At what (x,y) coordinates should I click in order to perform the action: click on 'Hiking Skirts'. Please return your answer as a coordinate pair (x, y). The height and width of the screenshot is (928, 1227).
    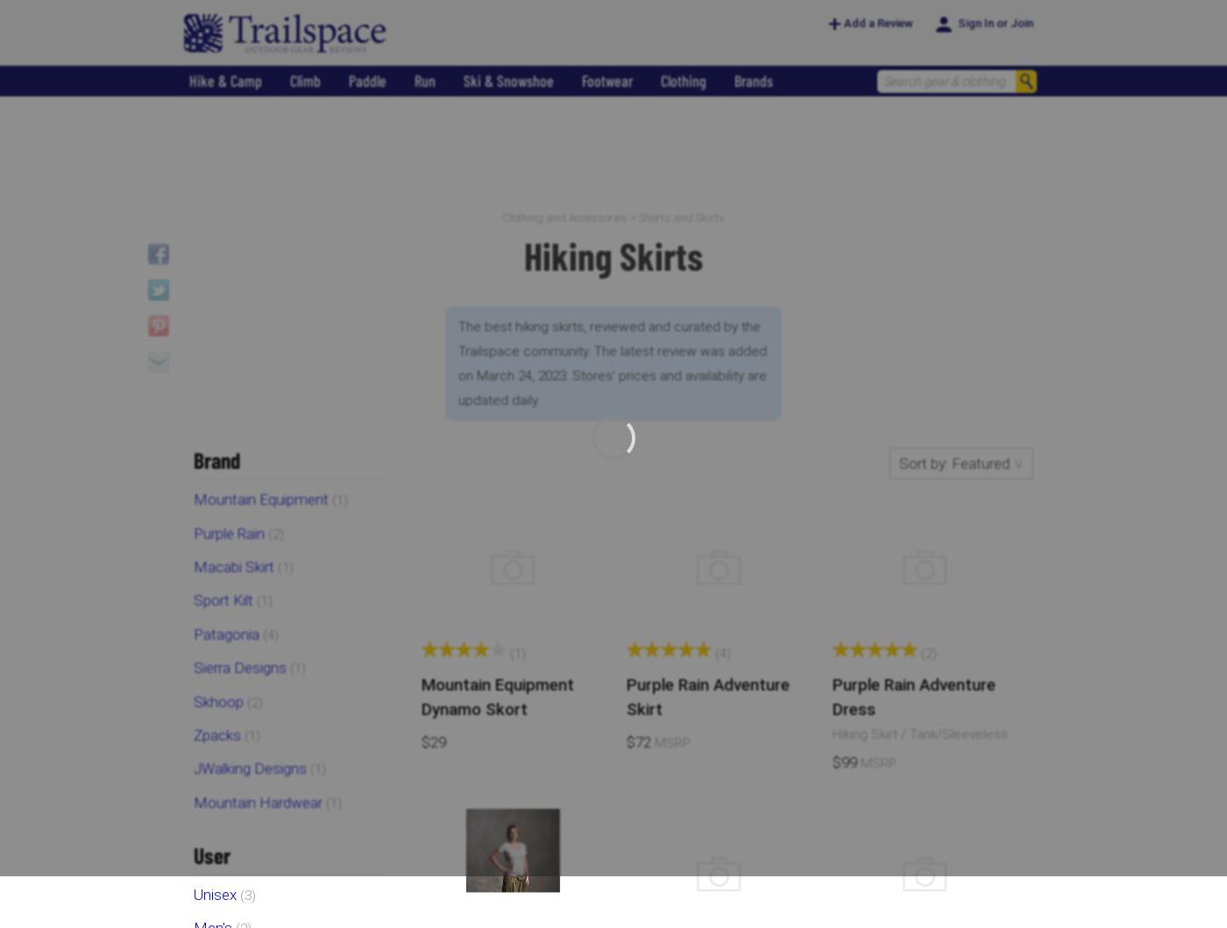
    Looking at the image, I should click on (613, 255).